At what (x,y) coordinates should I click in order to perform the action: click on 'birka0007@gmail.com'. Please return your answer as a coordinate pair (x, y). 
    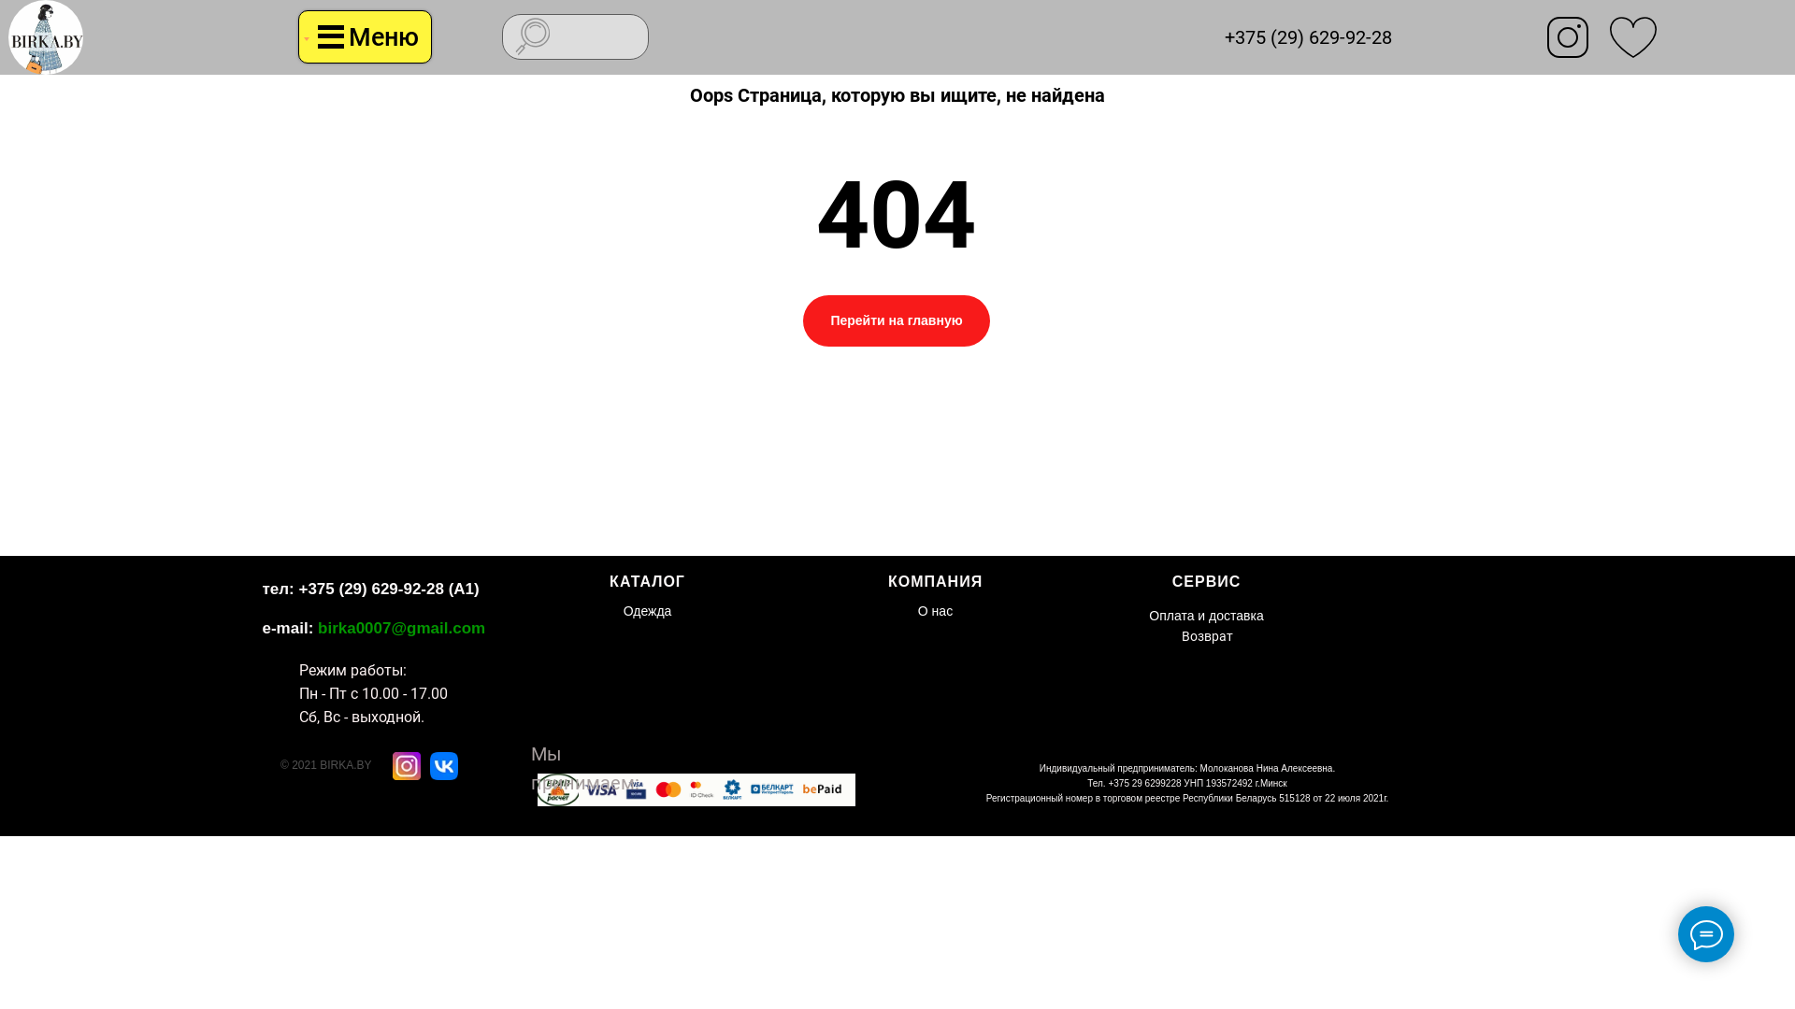
    Looking at the image, I should click on (318, 628).